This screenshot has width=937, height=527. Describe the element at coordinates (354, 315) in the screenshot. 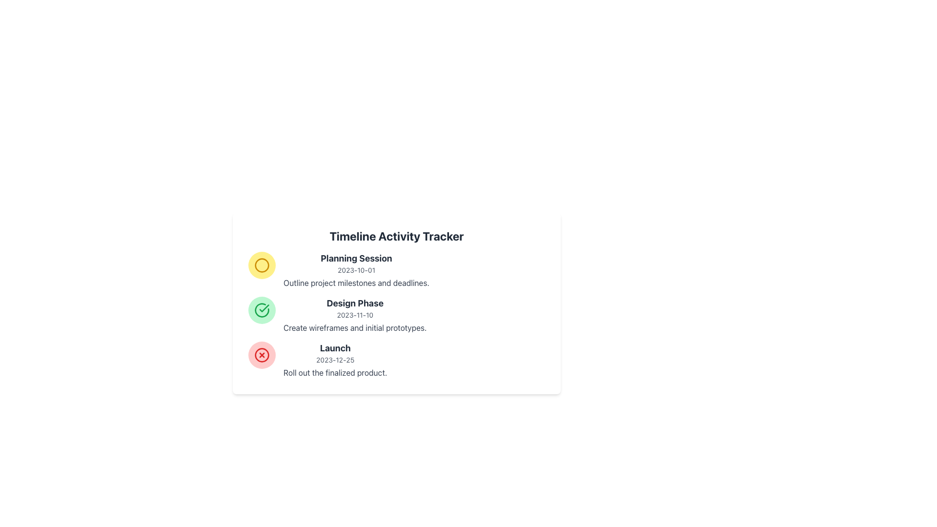

I see `the Static Text Block titled 'Design Phase' which includes the date '2023-11-10' and description 'Create wireframes and initial prototypes.'` at that location.